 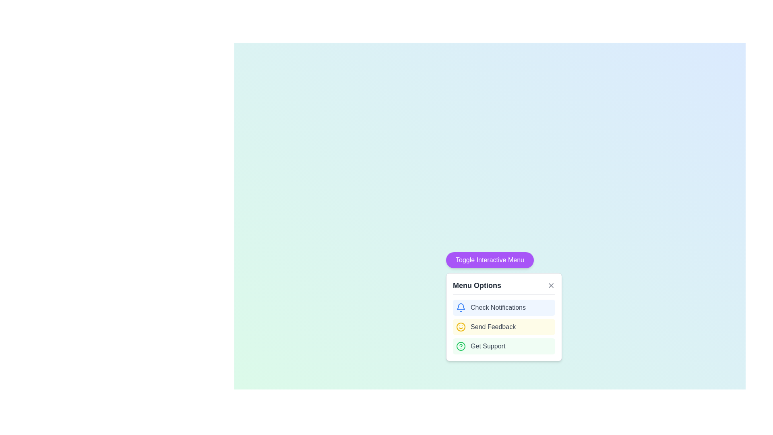 What do you see at coordinates (488, 346) in the screenshot?
I see `the 'Get Support' text label in the third row of the 'Menu Options', which is adjacent to a green question mark icon` at bounding box center [488, 346].